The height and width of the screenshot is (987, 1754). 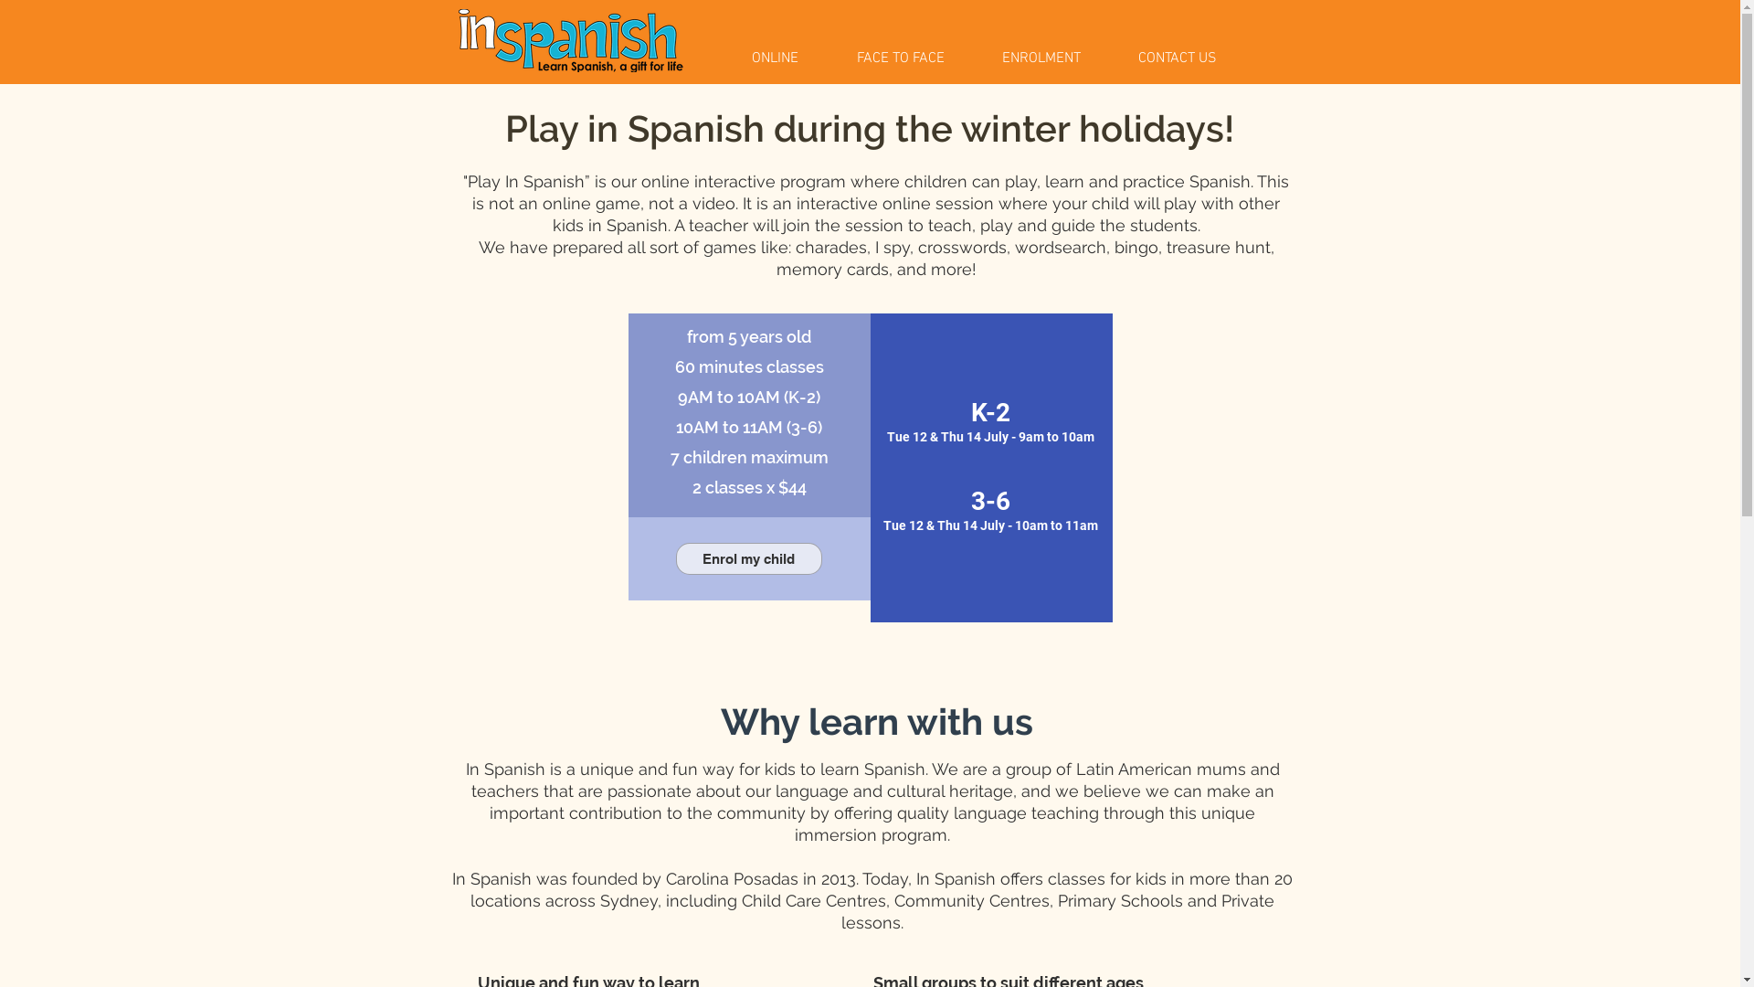 I want to click on 'ENROLMENT', so click(x=1056, y=58).